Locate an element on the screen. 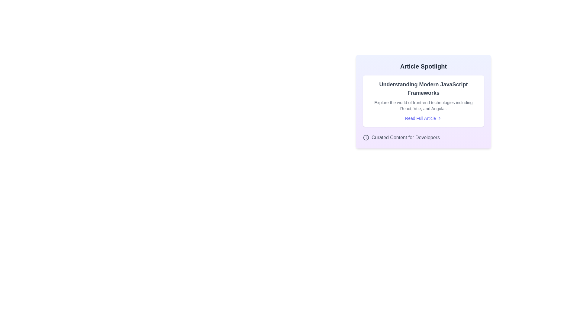  informational text 'Curated Content for Developers' which is styled in gray font and accompanied by an informational icon on the left is located at coordinates (423, 137).